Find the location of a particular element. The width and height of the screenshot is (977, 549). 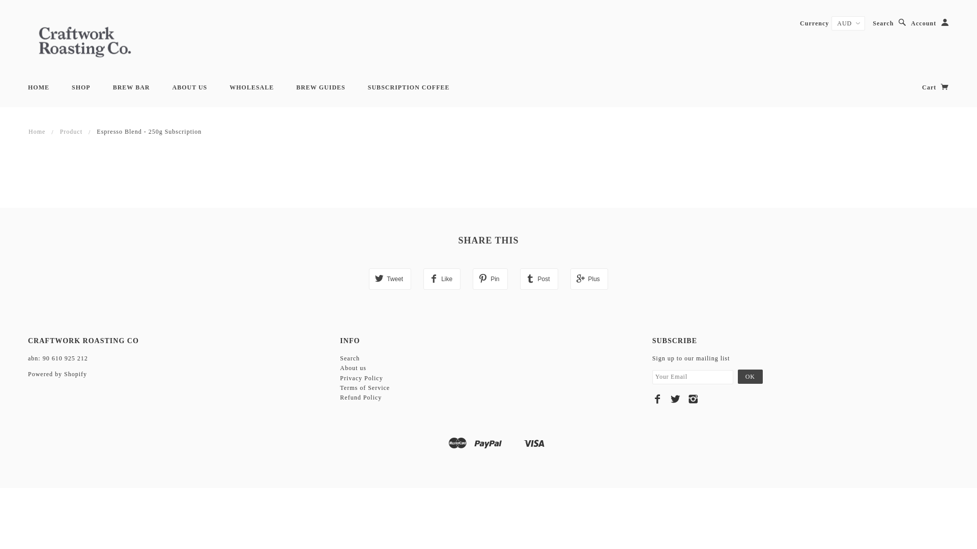

'Pin' is located at coordinates (490, 279).